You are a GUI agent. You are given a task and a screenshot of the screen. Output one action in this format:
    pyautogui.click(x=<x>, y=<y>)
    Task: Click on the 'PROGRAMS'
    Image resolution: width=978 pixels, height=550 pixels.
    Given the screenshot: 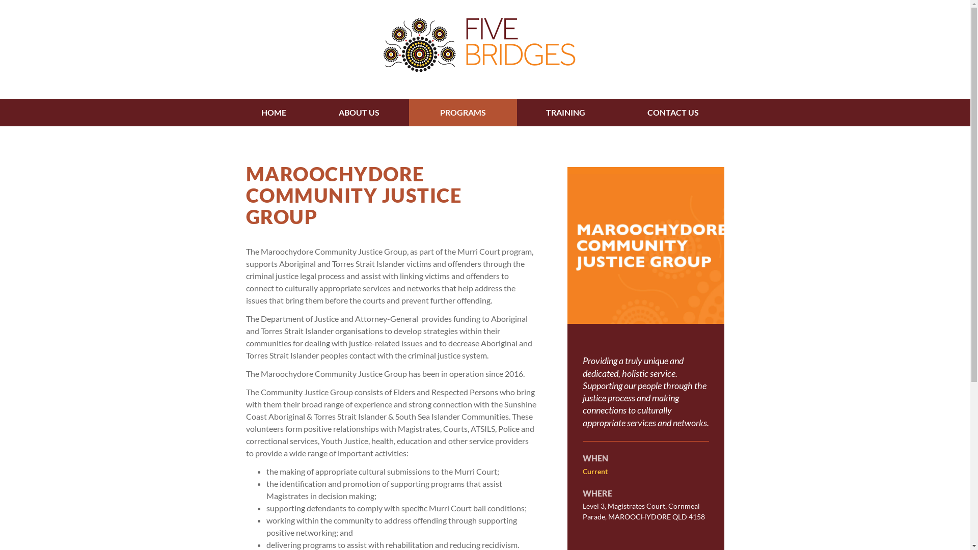 What is the action you would take?
    pyautogui.click(x=463, y=112)
    